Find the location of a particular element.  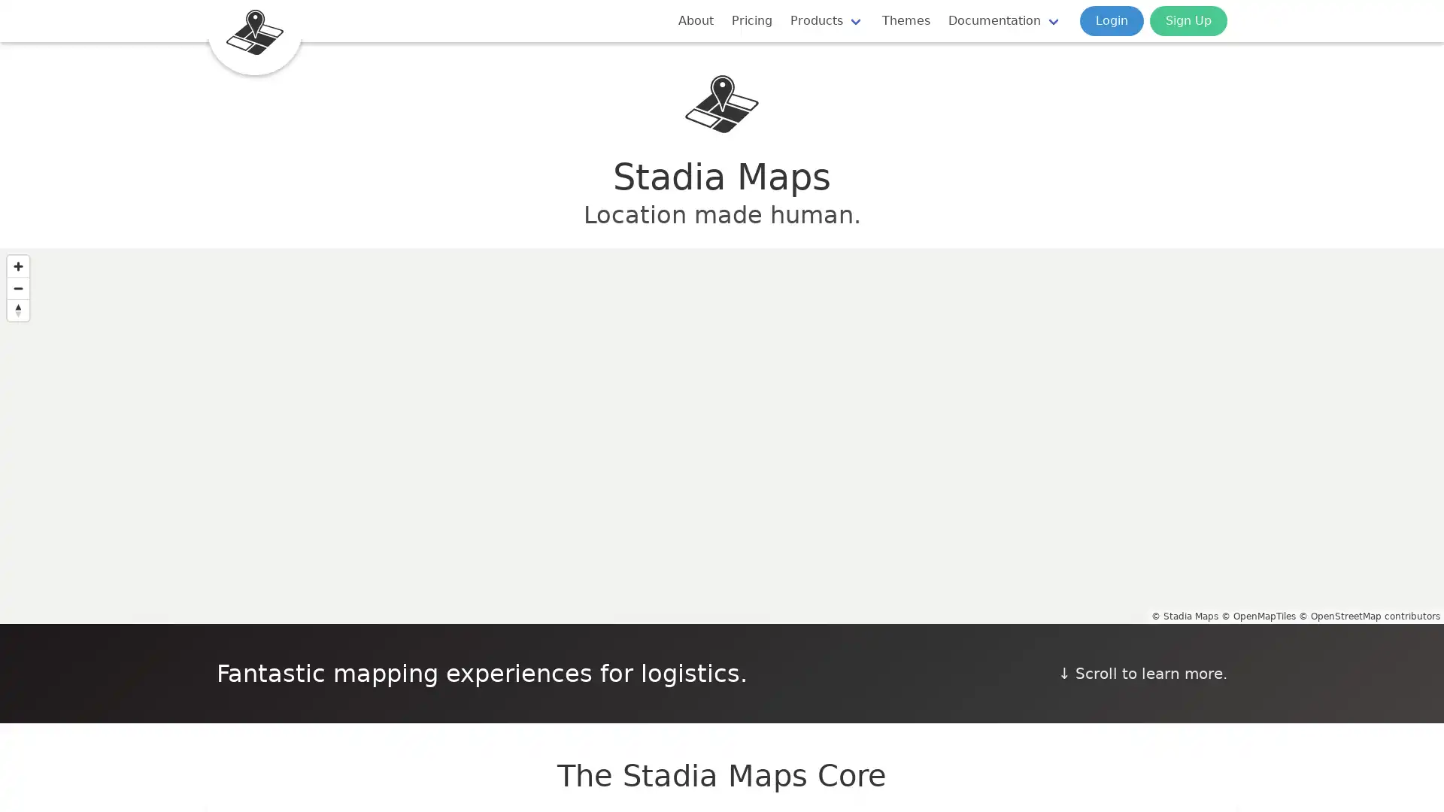

Zoom out is located at coordinates (18, 288).